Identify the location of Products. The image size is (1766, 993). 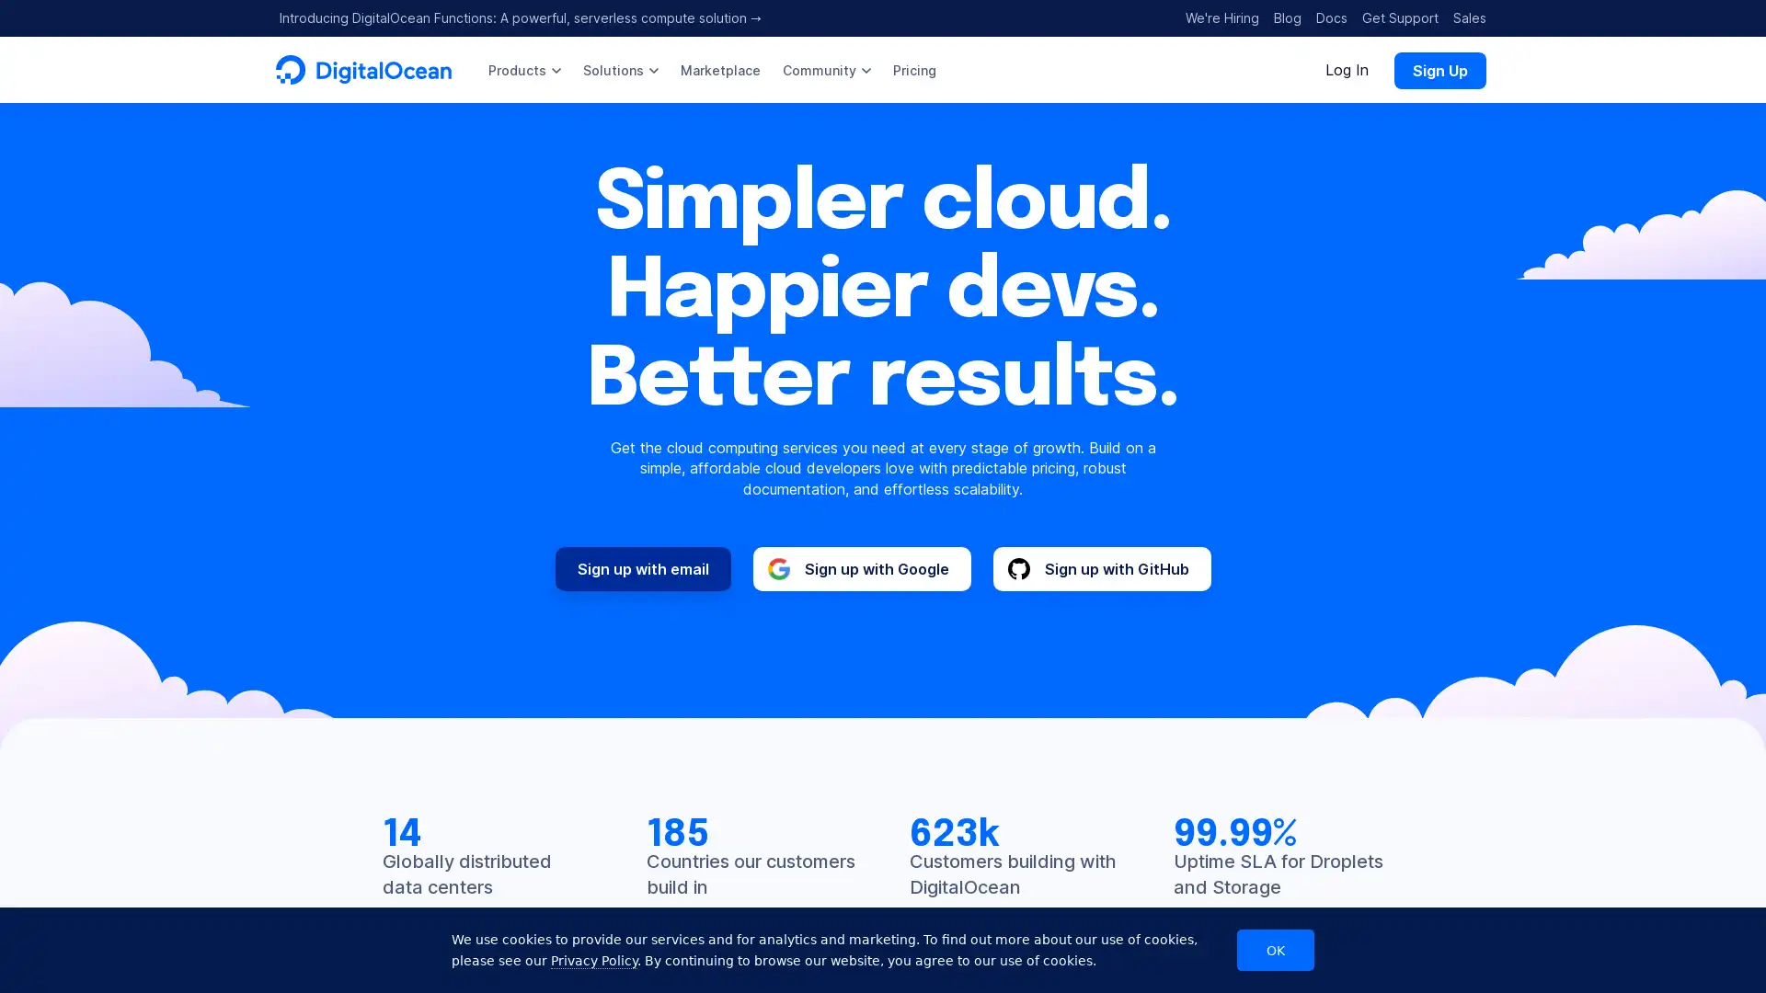
(523, 69).